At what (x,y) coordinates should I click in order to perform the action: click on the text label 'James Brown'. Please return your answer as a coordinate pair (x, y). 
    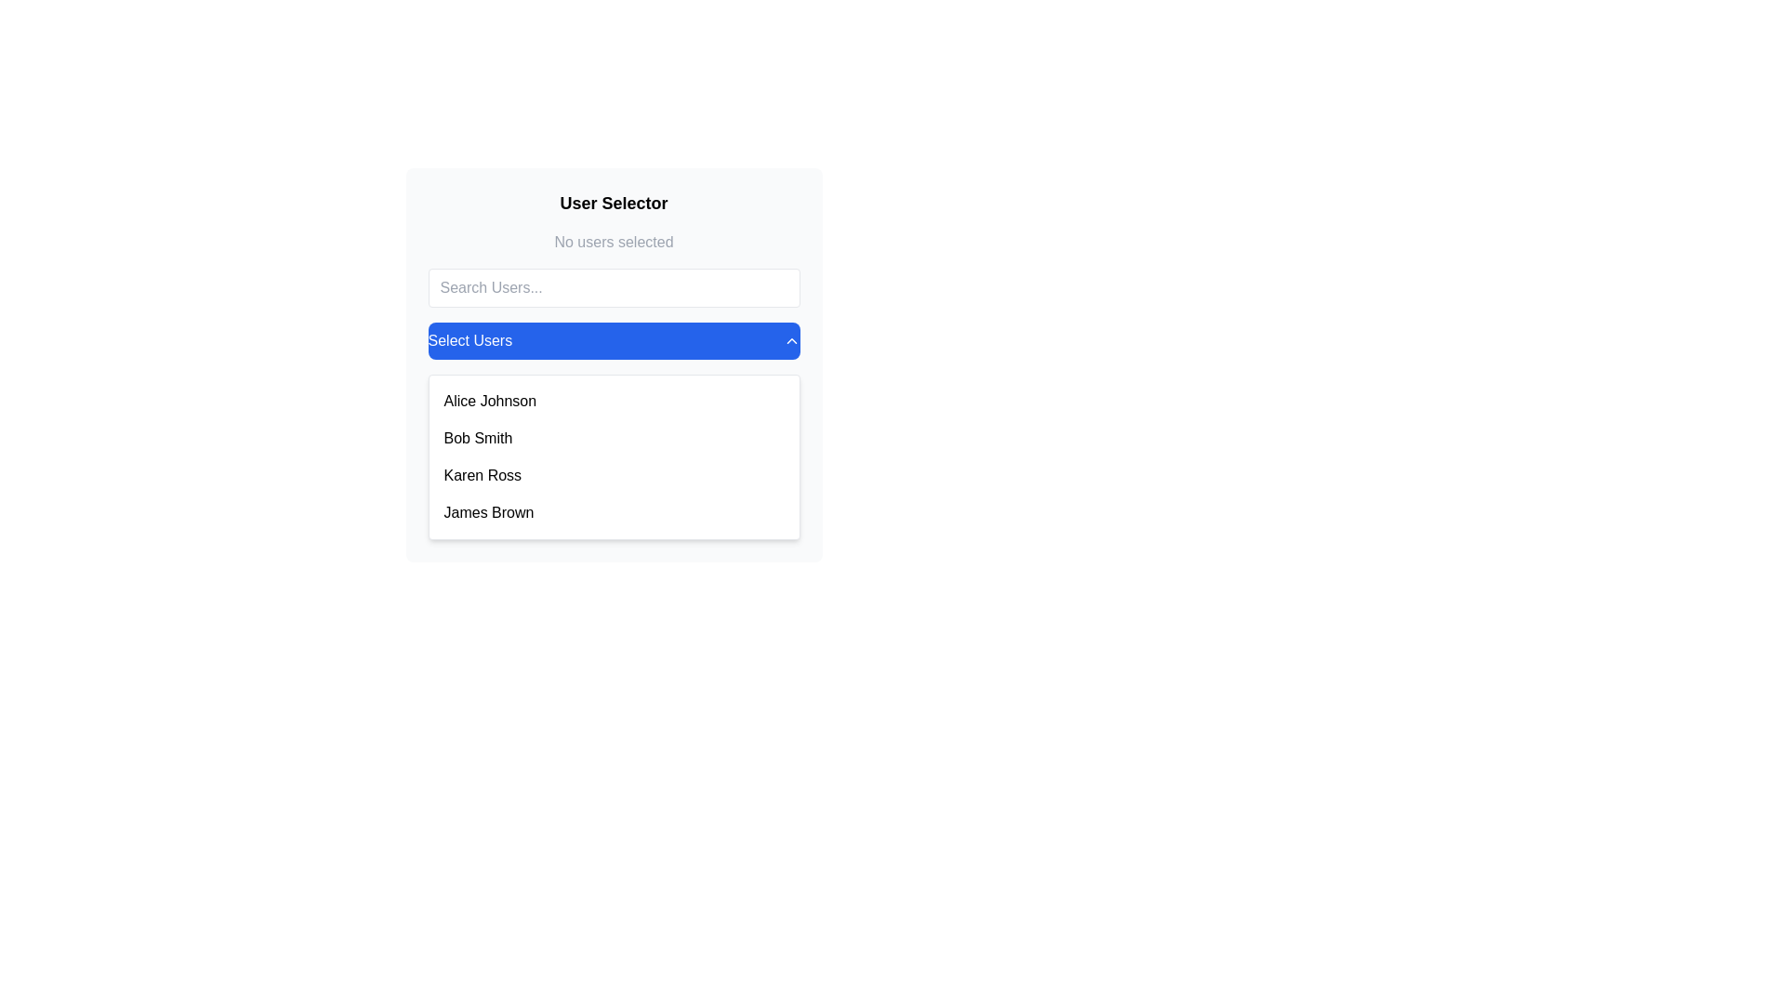
    Looking at the image, I should click on (488, 512).